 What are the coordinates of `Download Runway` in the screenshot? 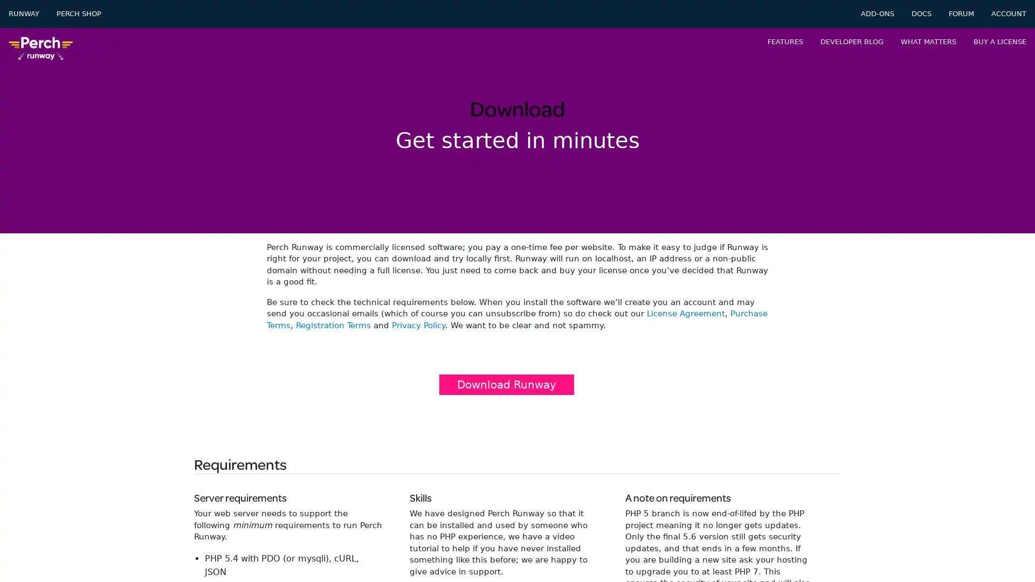 It's located at (506, 384).